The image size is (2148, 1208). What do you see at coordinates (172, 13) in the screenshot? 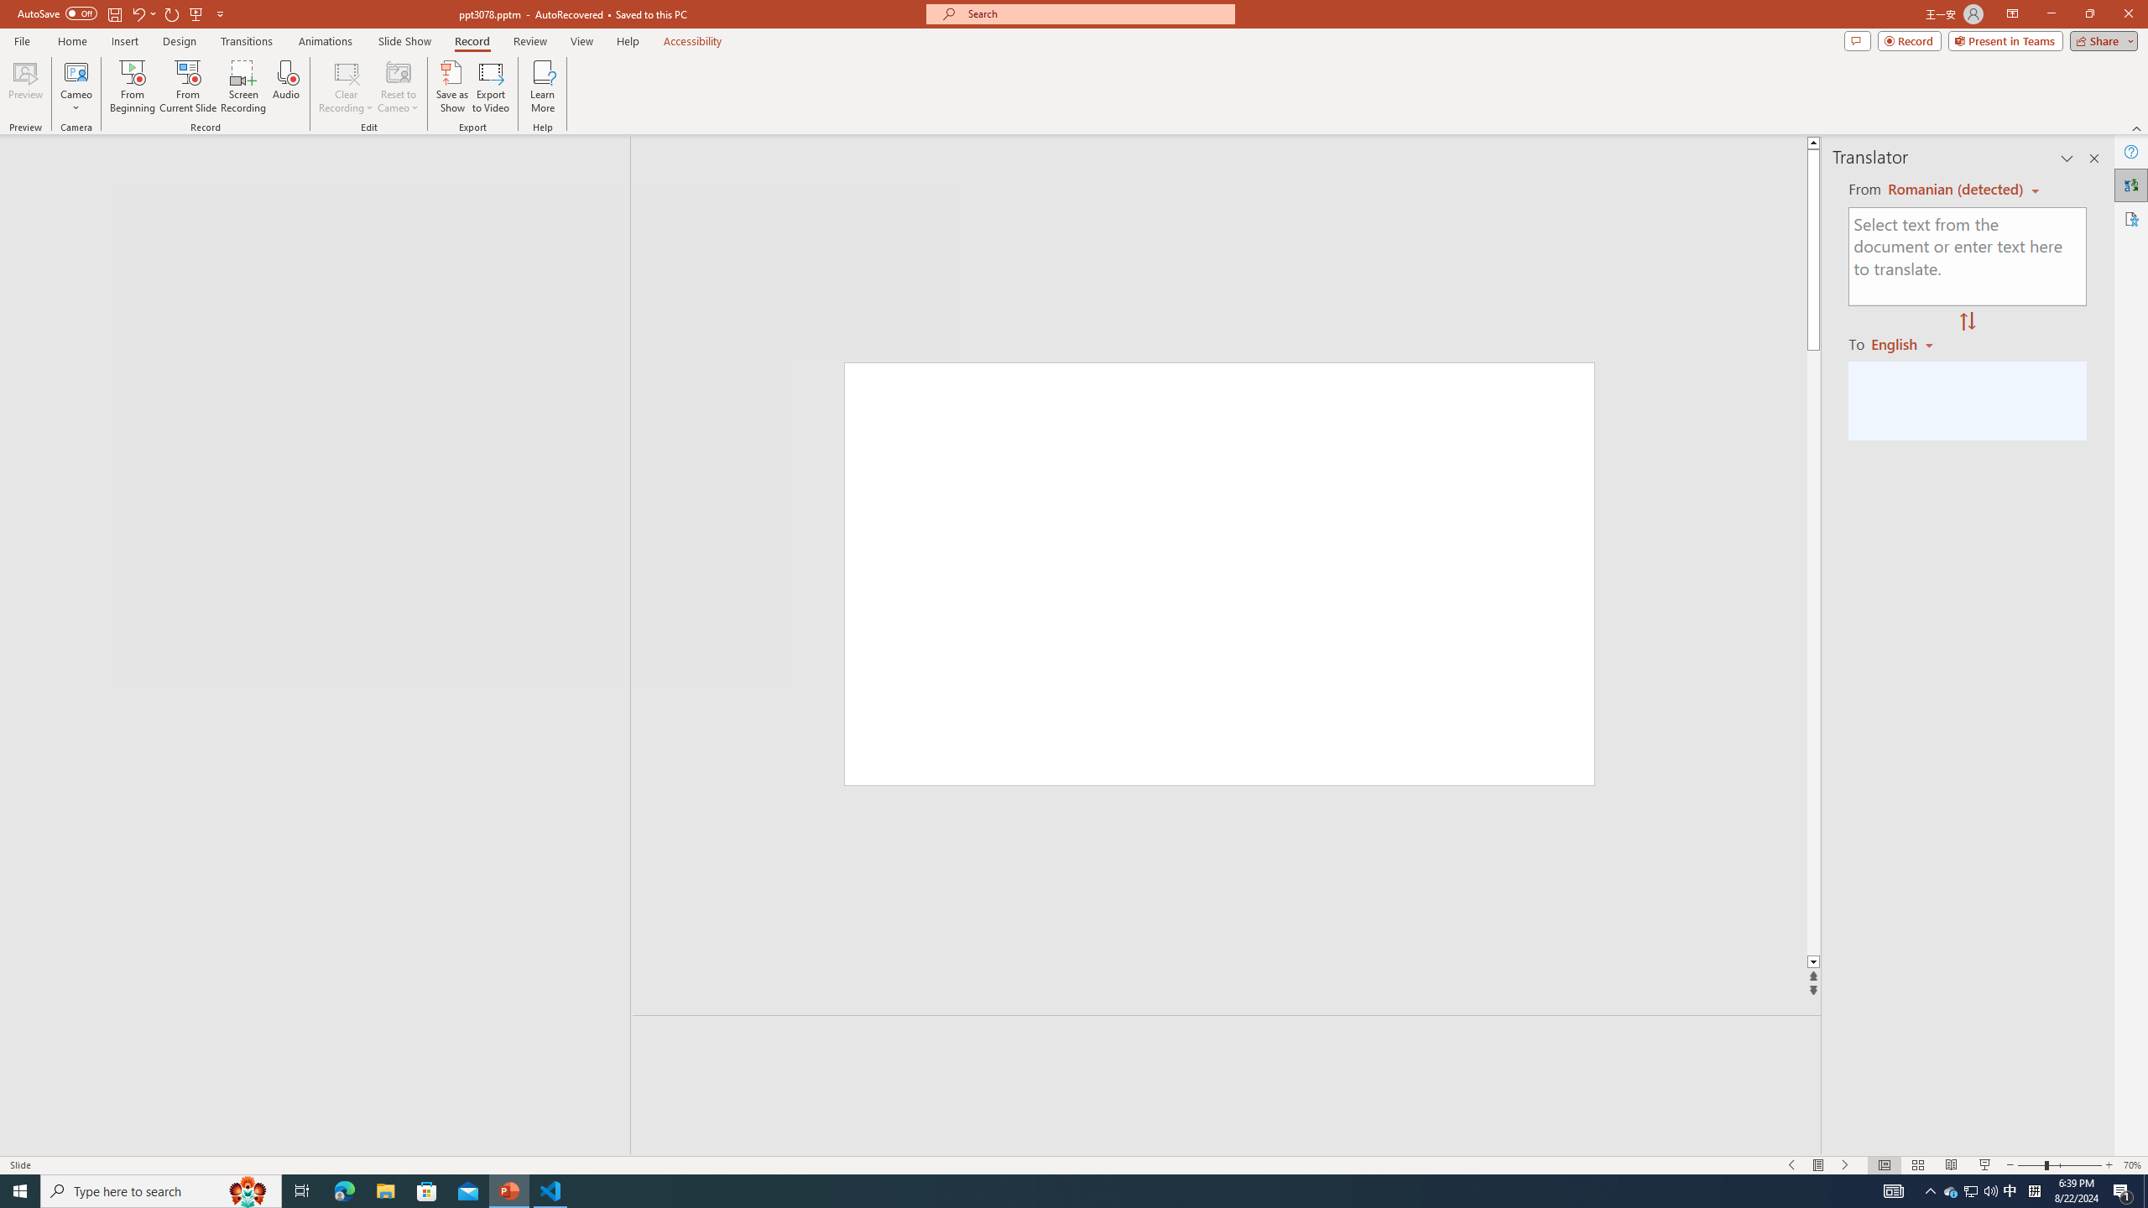
I see `'Redo'` at bounding box center [172, 13].